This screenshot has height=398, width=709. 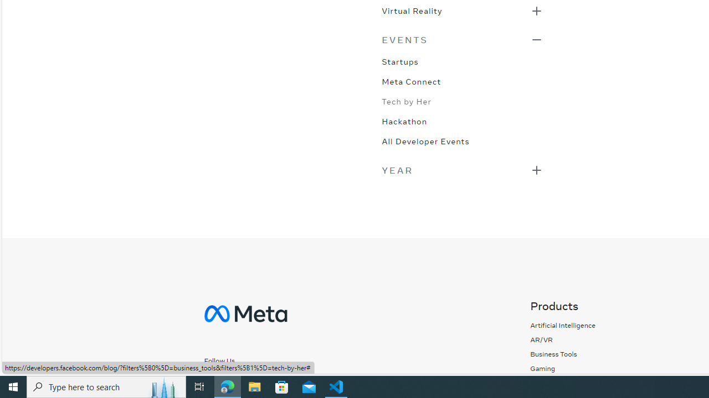 What do you see at coordinates (259, 379) in the screenshot?
I see `'Follow us on Twitter'` at bounding box center [259, 379].